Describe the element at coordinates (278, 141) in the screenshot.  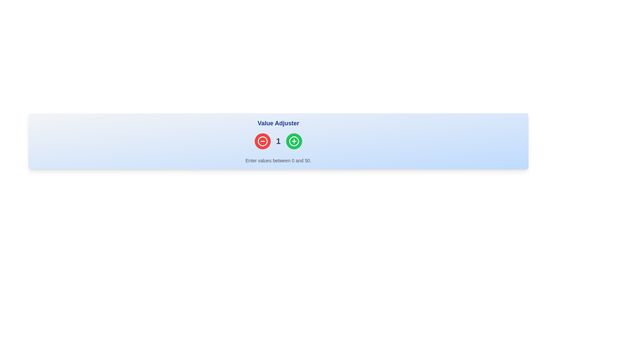
I see `the text label element displaying the number '1', which is located between a red decrement button and a green increment button in the 'Value Adjuster' section` at that location.